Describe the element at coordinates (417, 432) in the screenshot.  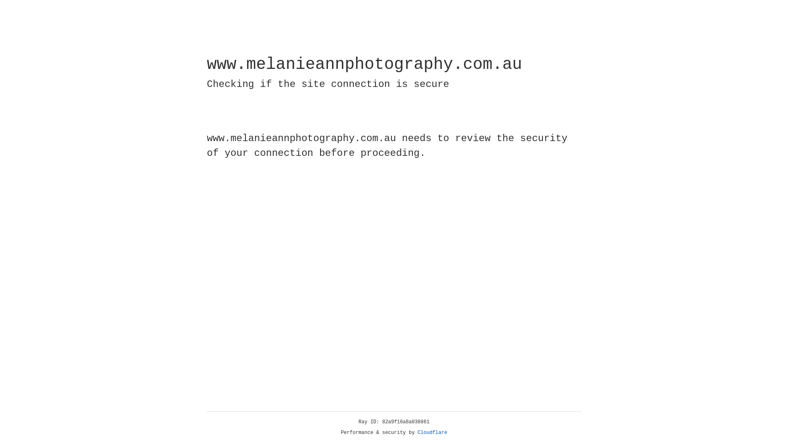
I see `'Cloudflare'` at that location.